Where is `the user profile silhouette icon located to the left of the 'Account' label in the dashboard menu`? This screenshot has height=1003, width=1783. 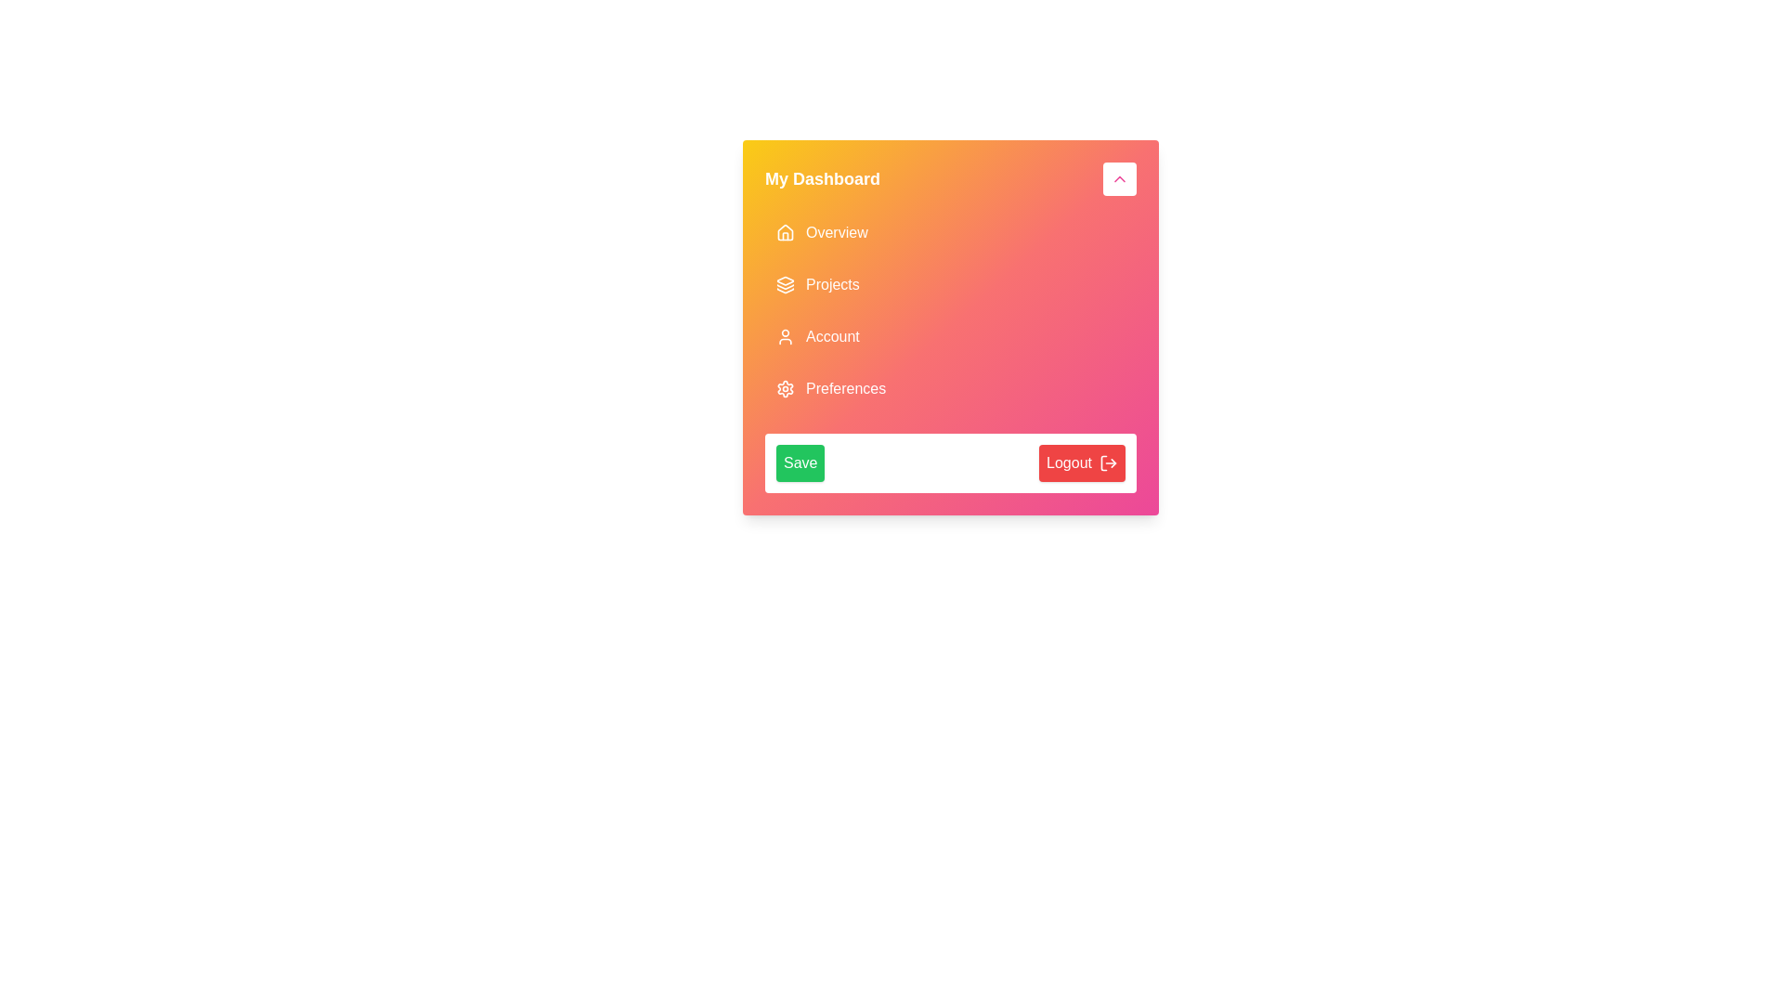 the user profile silhouette icon located to the left of the 'Account' label in the dashboard menu is located at coordinates (785, 336).